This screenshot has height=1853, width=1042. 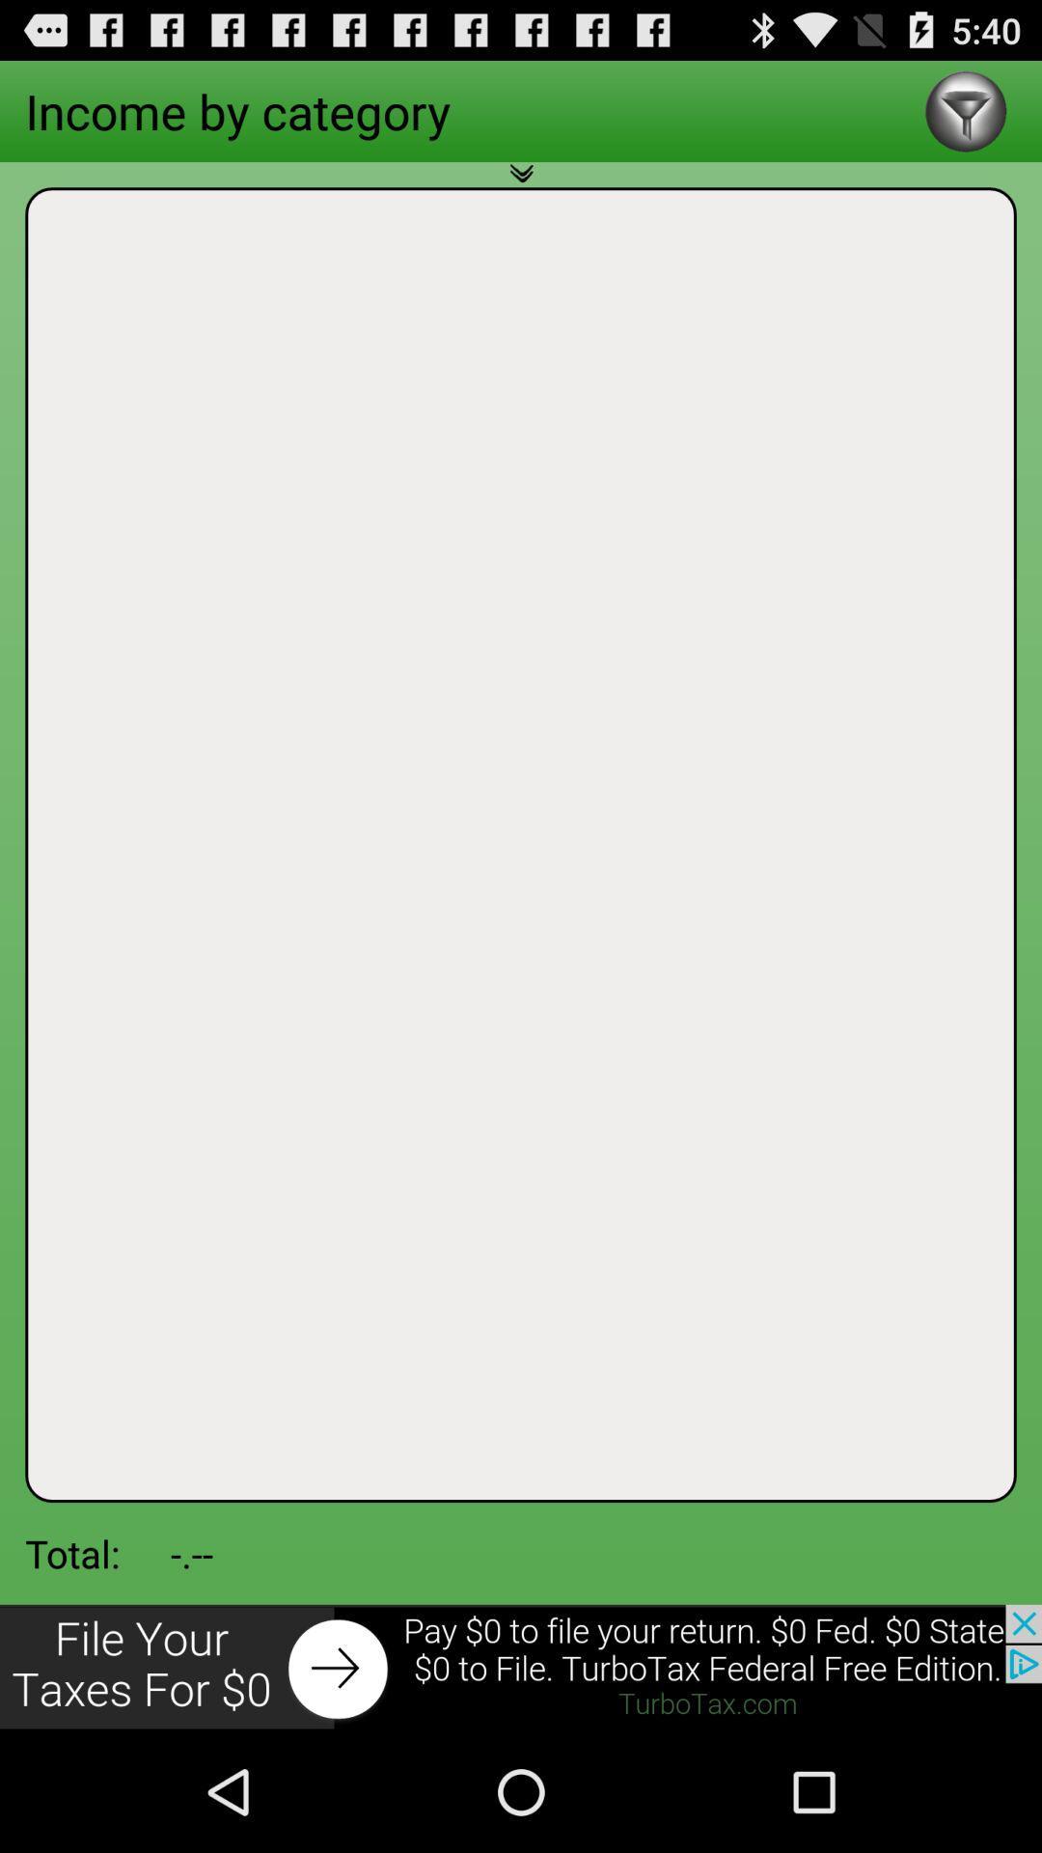 What do you see at coordinates (521, 1667) in the screenshot?
I see `click for more info` at bounding box center [521, 1667].